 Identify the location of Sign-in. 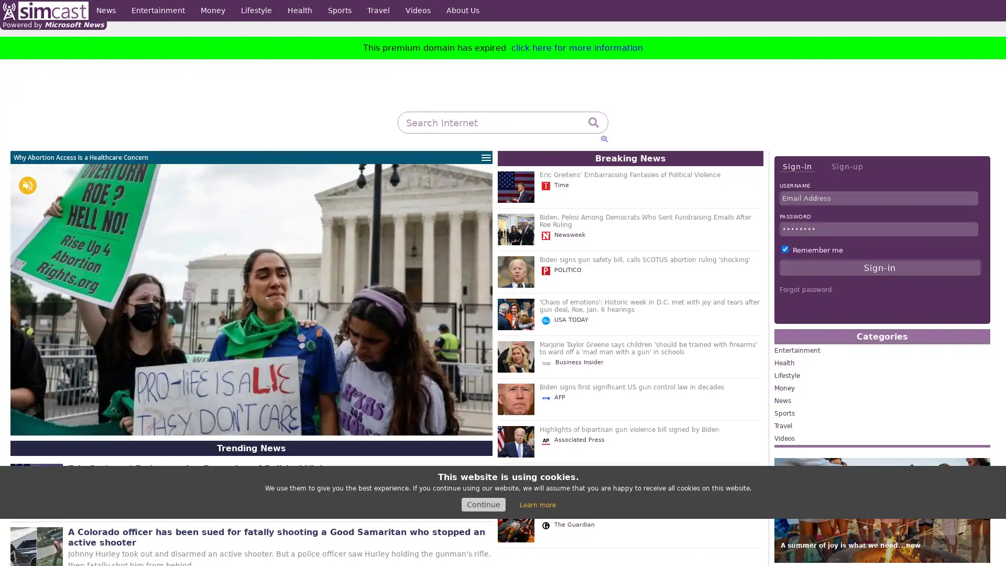
(880, 267).